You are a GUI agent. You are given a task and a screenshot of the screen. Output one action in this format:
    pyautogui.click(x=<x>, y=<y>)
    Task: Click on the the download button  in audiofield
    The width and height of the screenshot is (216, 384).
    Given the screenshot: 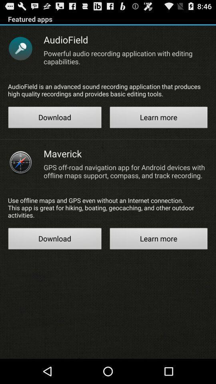 What is the action you would take?
    pyautogui.click(x=54, y=118)
    